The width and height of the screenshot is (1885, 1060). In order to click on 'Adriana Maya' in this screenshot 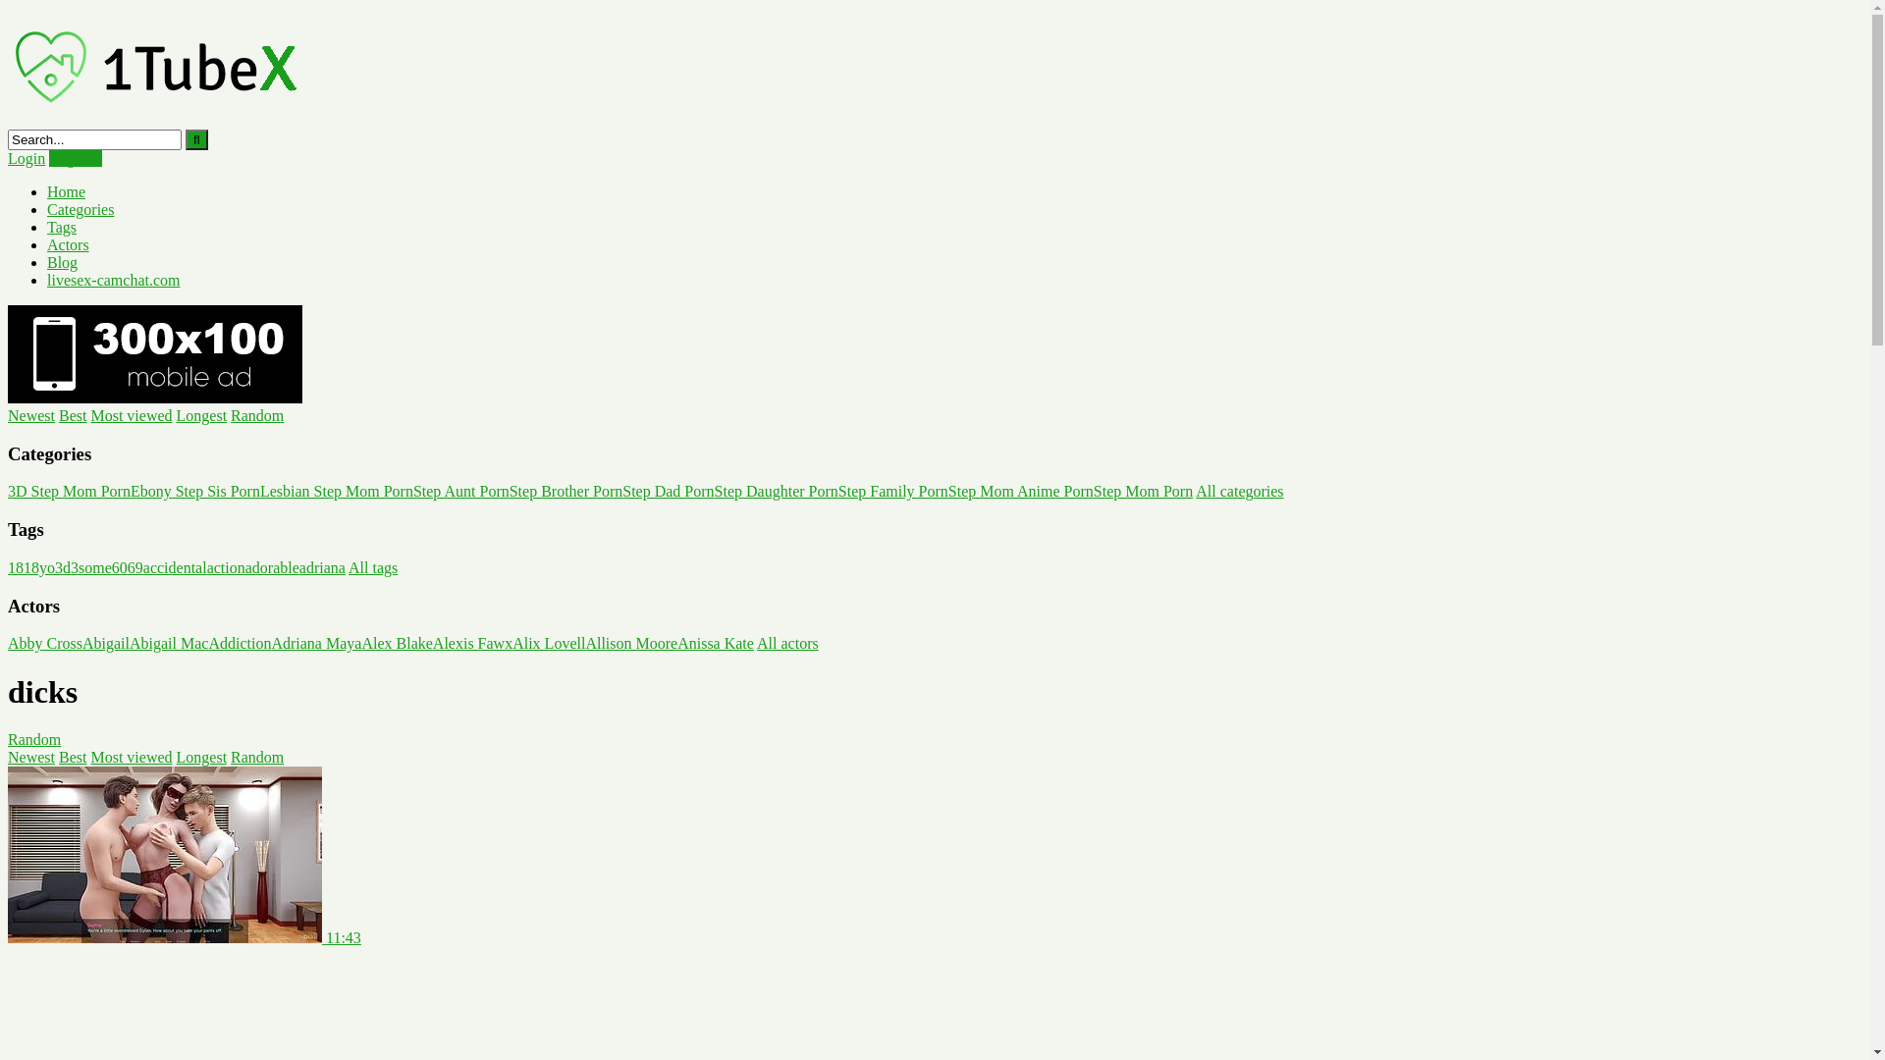, I will do `click(269, 643)`.